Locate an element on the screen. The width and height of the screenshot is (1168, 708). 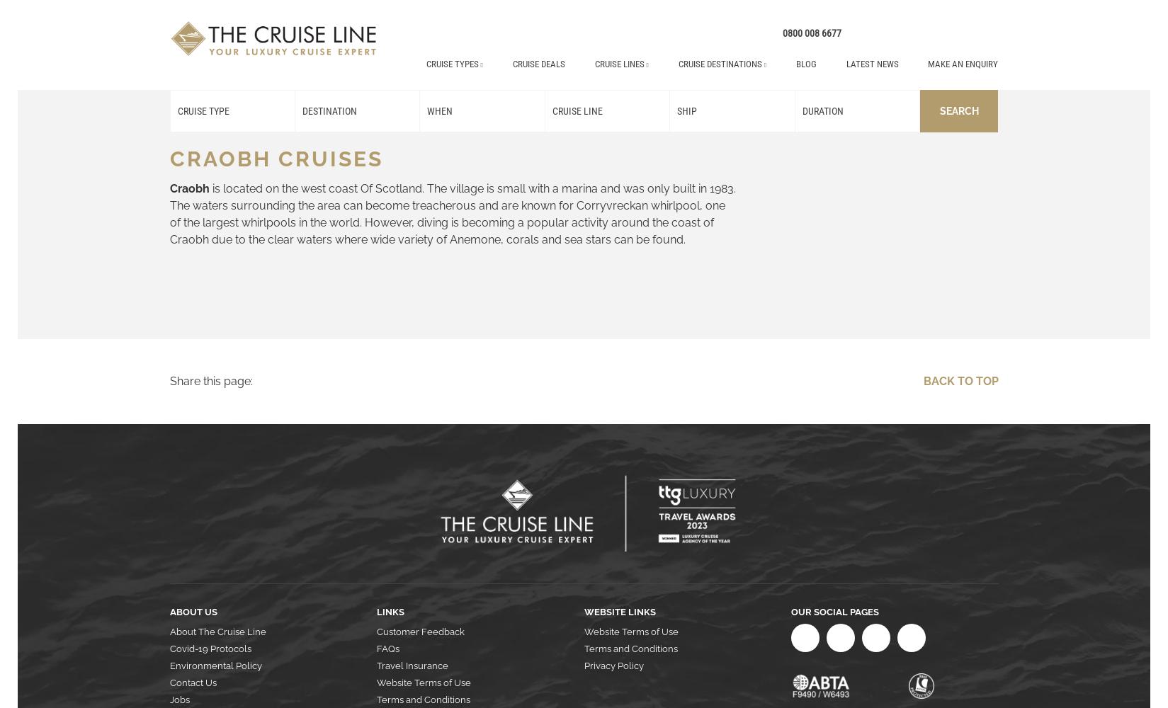
'Craobh' is located at coordinates (188, 188).